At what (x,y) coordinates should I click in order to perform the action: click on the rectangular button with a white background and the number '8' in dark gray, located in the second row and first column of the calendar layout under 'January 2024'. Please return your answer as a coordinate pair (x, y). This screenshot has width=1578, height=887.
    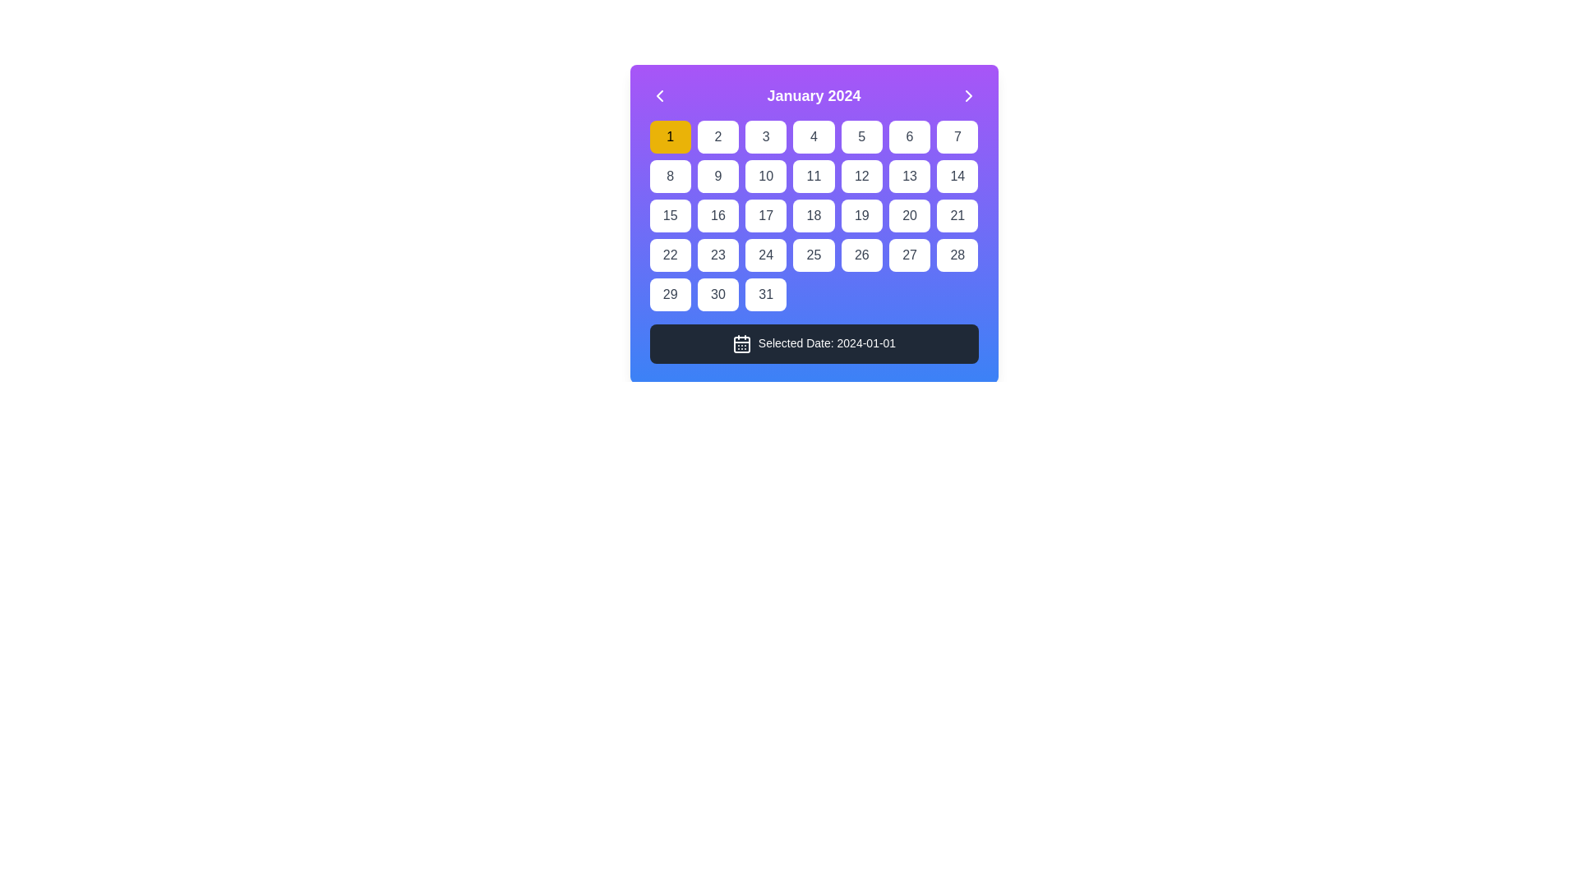
    Looking at the image, I should click on (670, 177).